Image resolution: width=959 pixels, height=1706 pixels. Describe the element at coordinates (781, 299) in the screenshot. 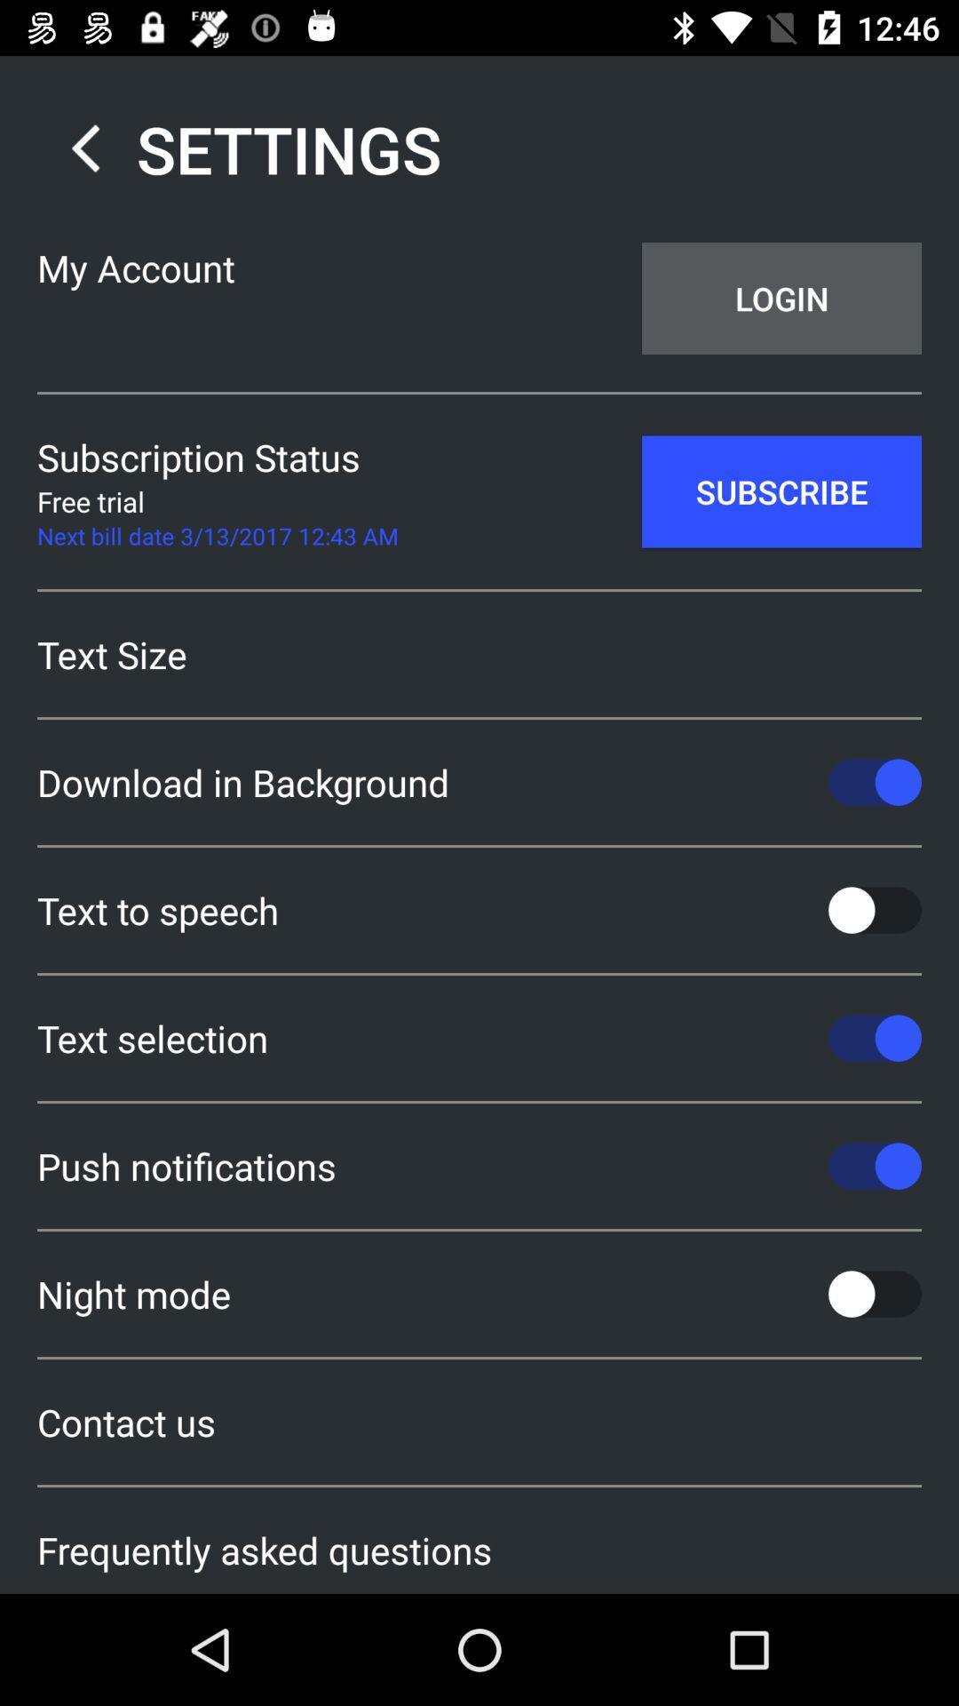

I see `app next to my account app` at that location.